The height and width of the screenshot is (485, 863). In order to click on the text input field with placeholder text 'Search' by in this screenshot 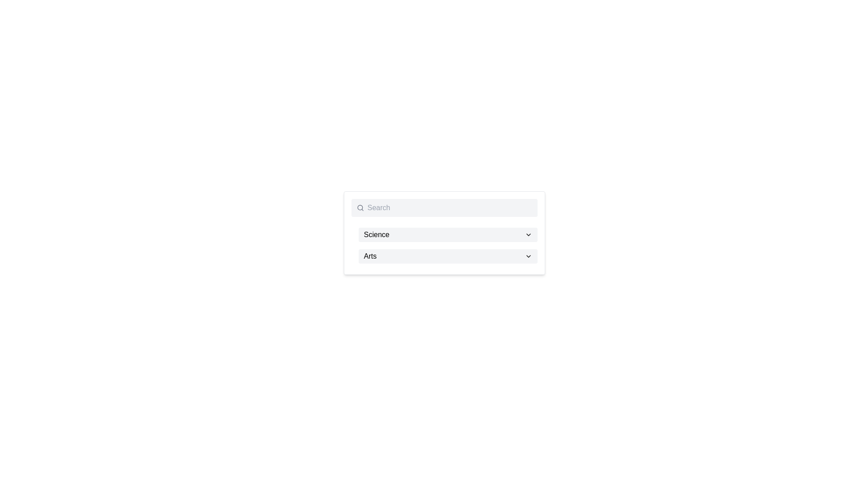, I will do `click(449, 207)`.